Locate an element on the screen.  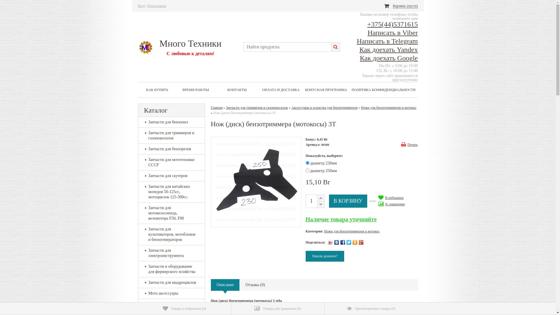
'Google Plus' is located at coordinates (361, 242).